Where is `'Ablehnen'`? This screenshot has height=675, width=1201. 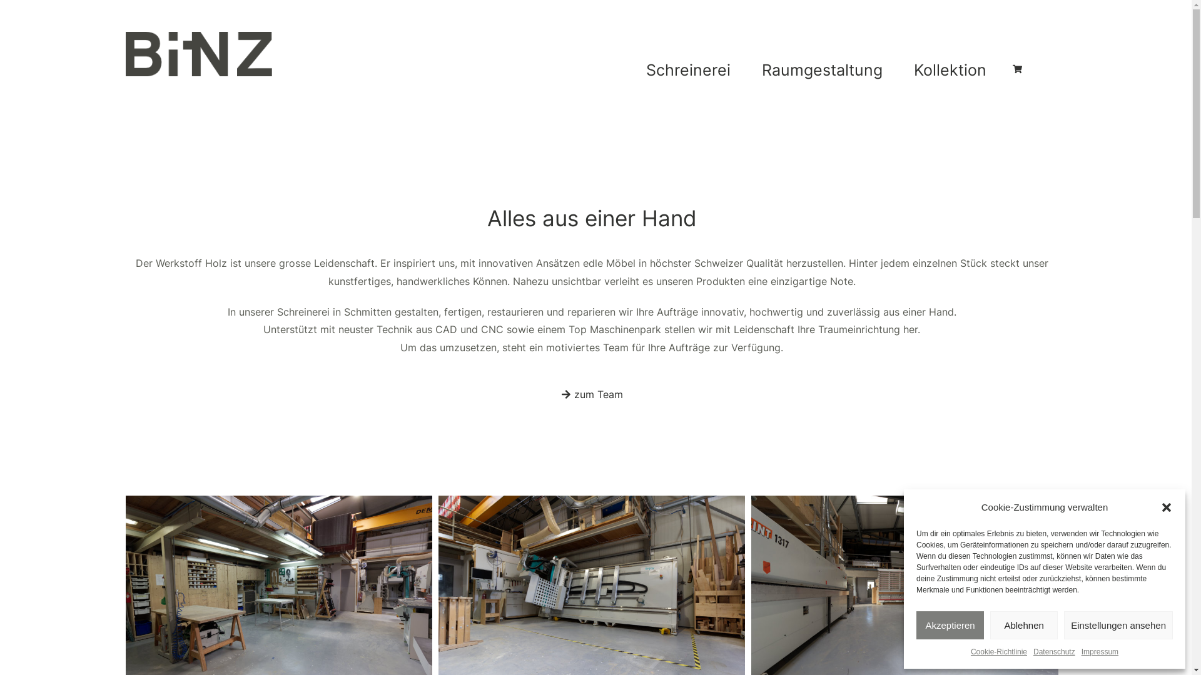 'Ablehnen' is located at coordinates (1023, 625).